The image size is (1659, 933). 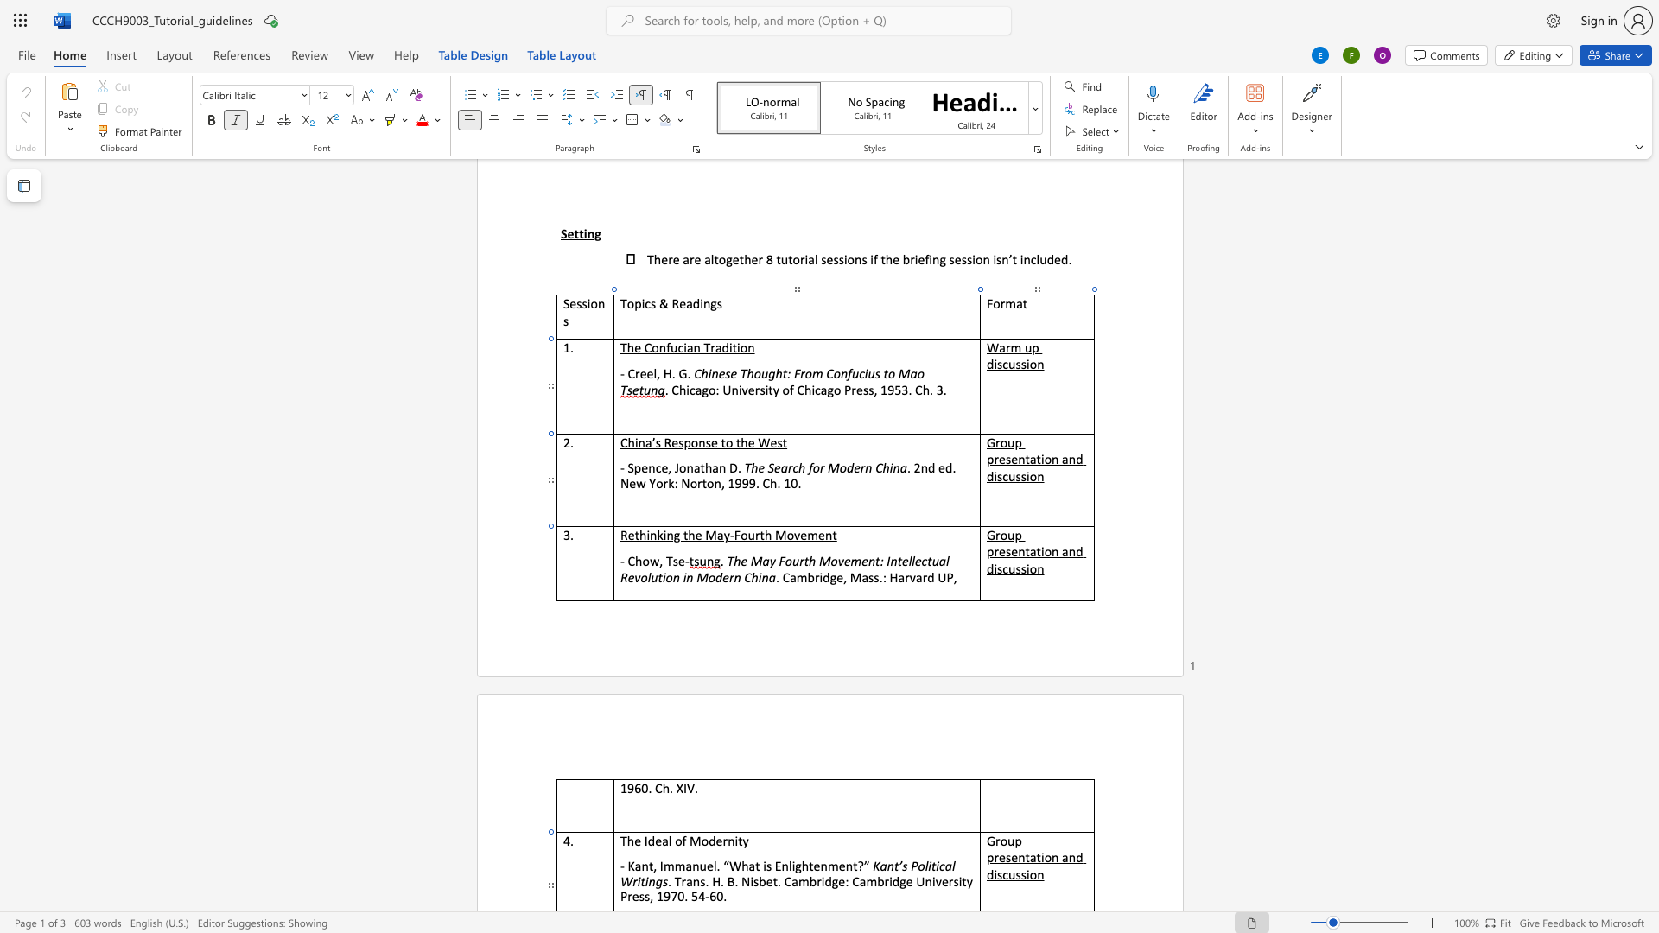 What do you see at coordinates (633, 561) in the screenshot?
I see `the space between the continuous character "C" and "h" in the text` at bounding box center [633, 561].